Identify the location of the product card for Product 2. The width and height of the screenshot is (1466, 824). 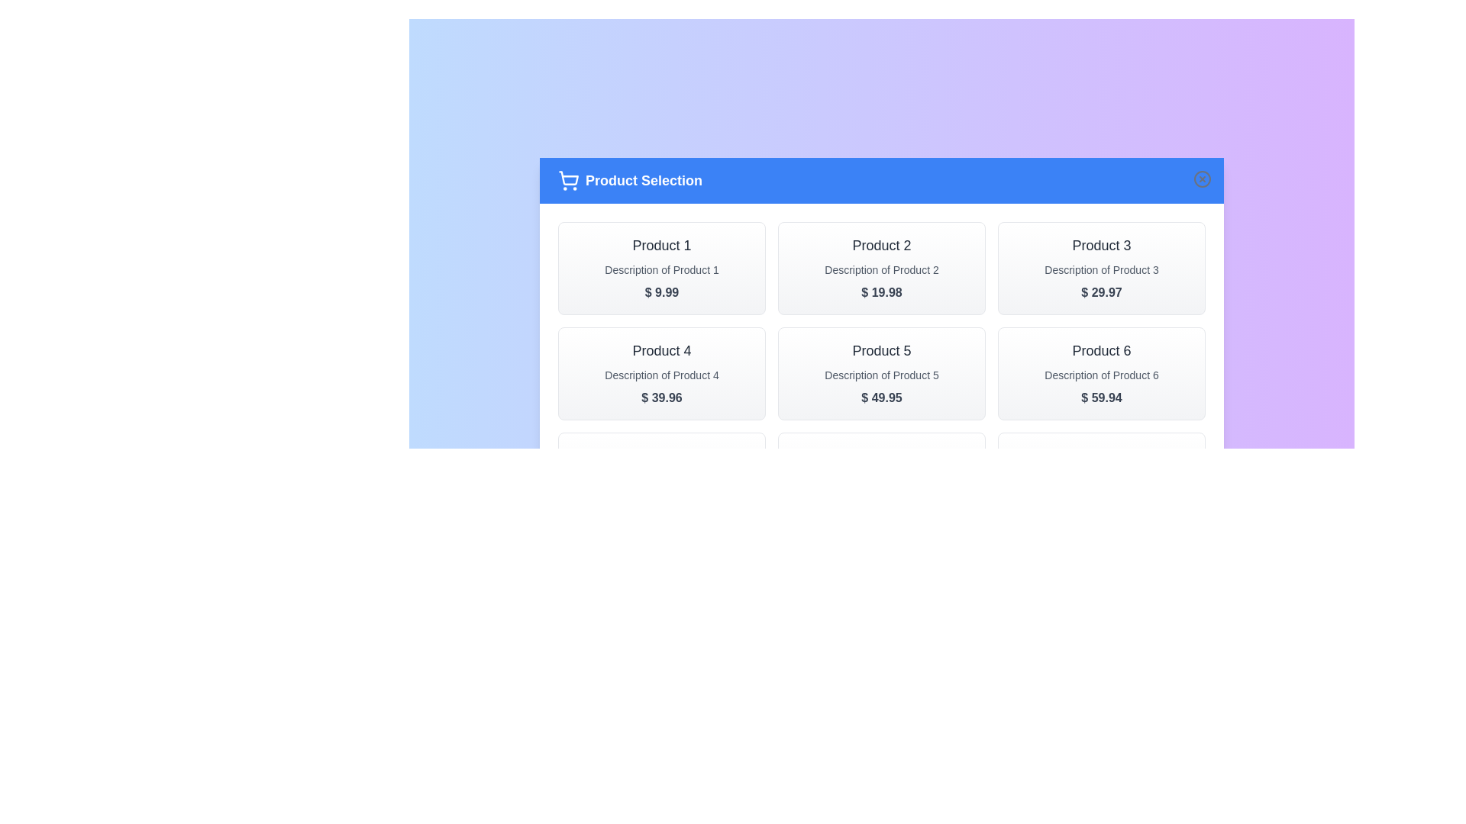
(882, 267).